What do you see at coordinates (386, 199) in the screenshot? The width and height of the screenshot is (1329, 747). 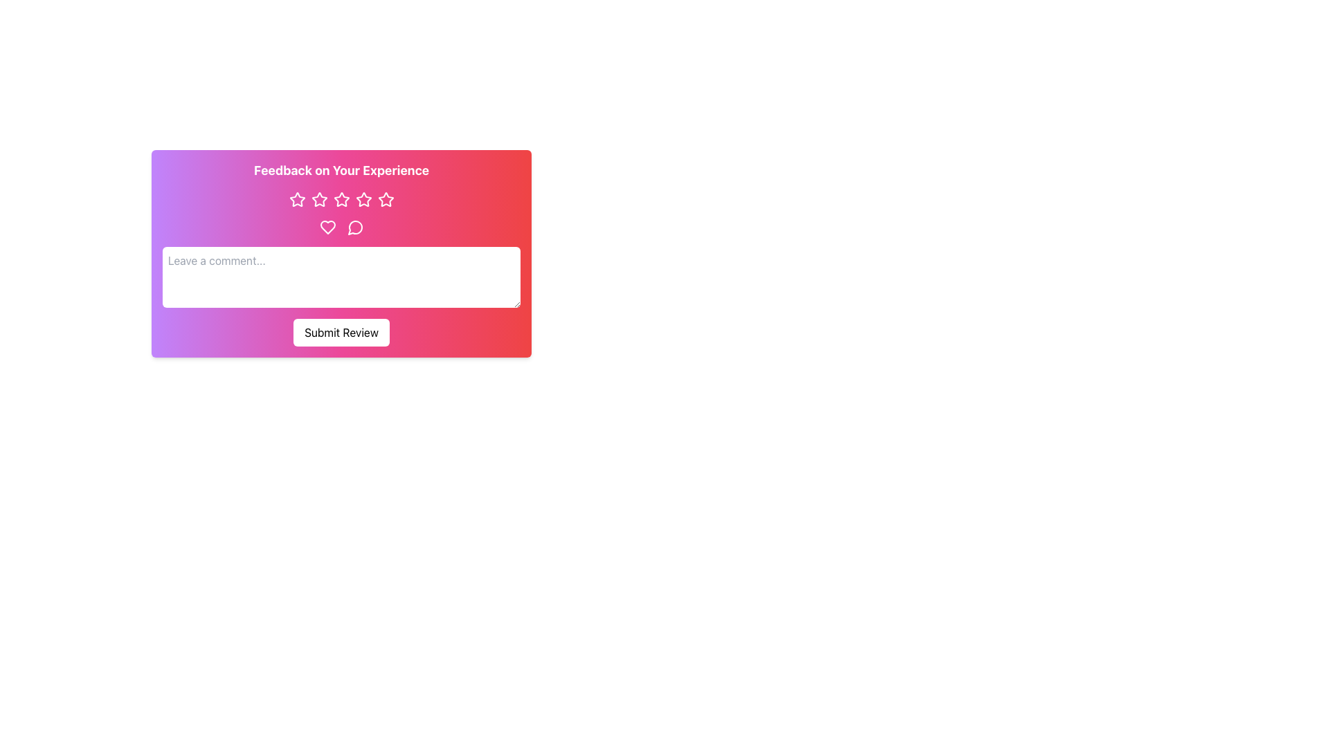 I see `the fifth star icon` at bounding box center [386, 199].